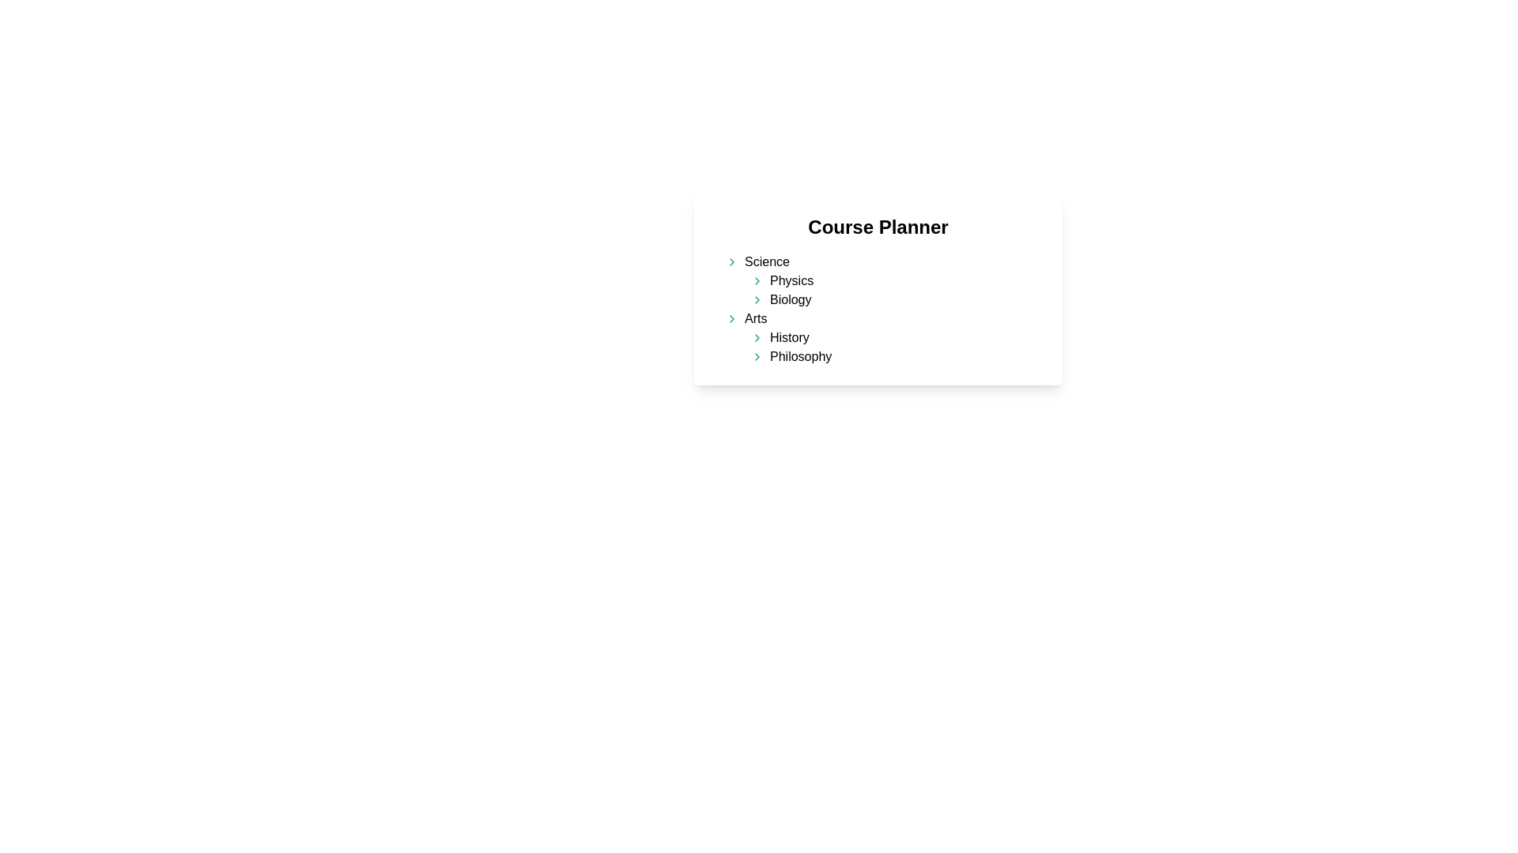 The image size is (1518, 853). What do you see at coordinates (891, 346) in the screenshot?
I see `the navigational arrow icons of the second visual group in the 'Arts' section, which contains 'History' and 'Philosophy'` at bounding box center [891, 346].